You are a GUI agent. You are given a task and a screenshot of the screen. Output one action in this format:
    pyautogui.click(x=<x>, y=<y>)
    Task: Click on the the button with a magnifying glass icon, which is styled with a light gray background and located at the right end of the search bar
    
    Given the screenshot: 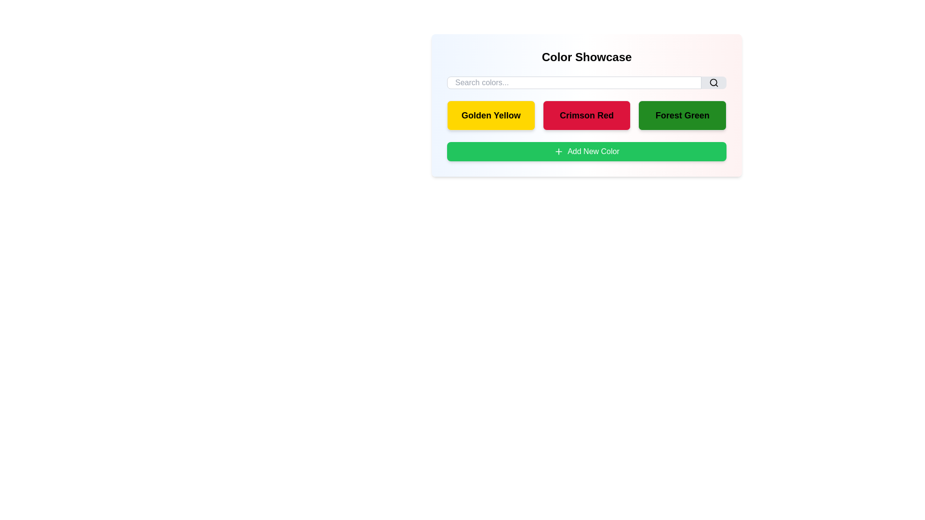 What is the action you would take?
    pyautogui.click(x=714, y=82)
    